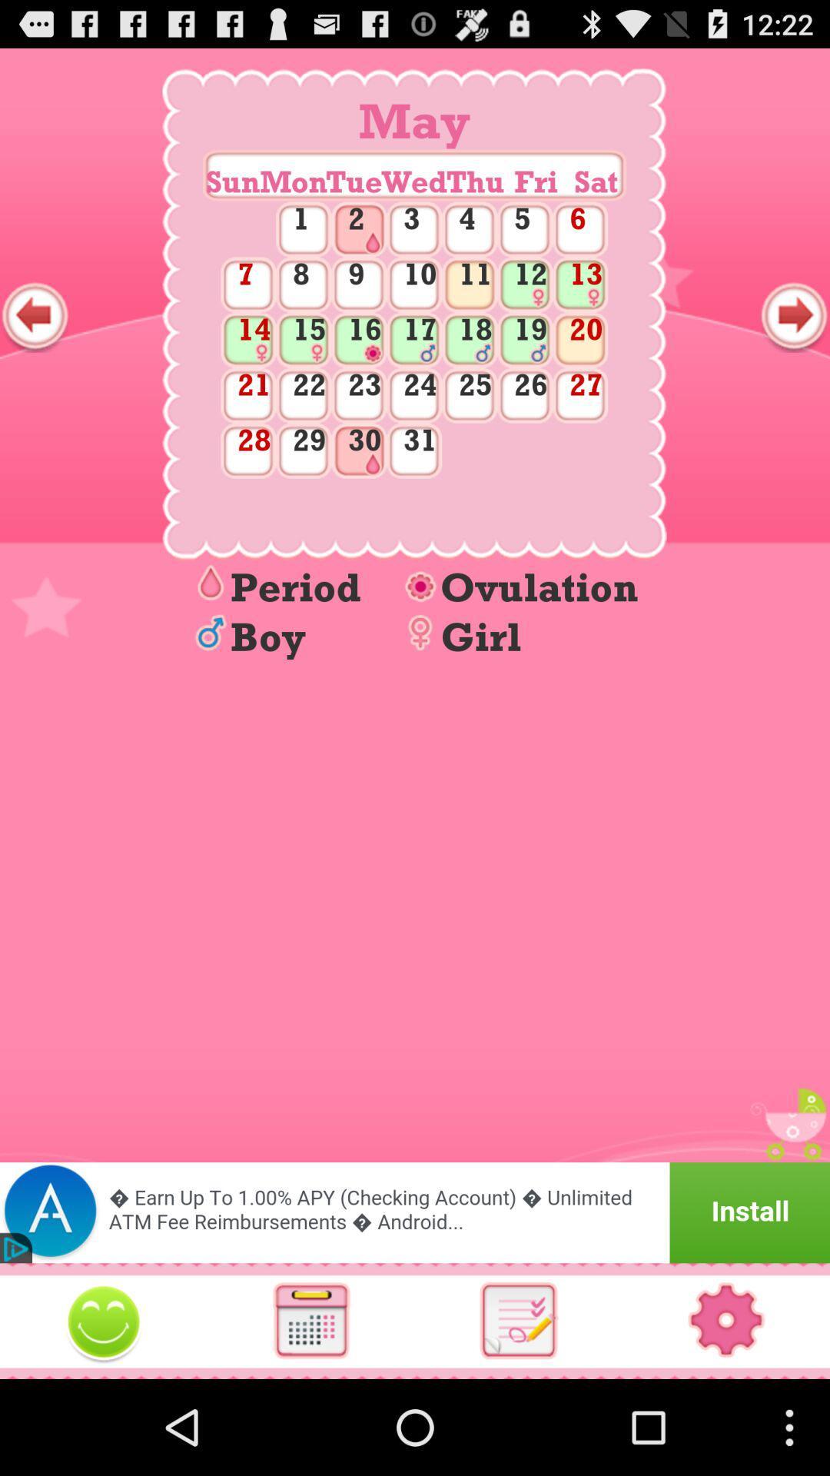 Image resolution: width=830 pixels, height=1476 pixels. What do you see at coordinates (311, 1320) in the screenshot?
I see `calendar` at bounding box center [311, 1320].